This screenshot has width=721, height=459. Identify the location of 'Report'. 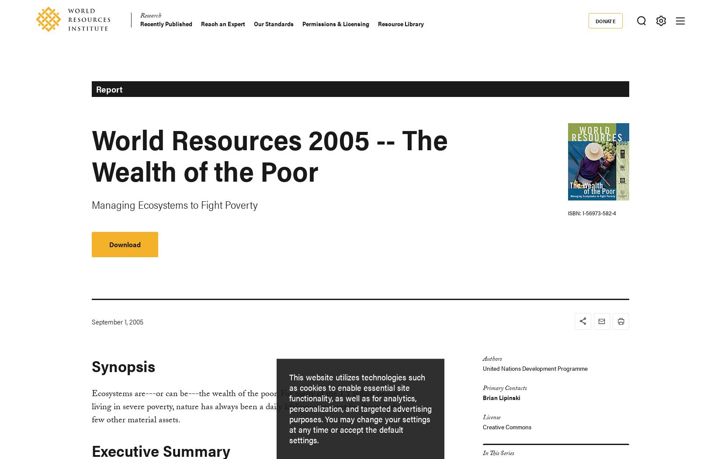
(108, 88).